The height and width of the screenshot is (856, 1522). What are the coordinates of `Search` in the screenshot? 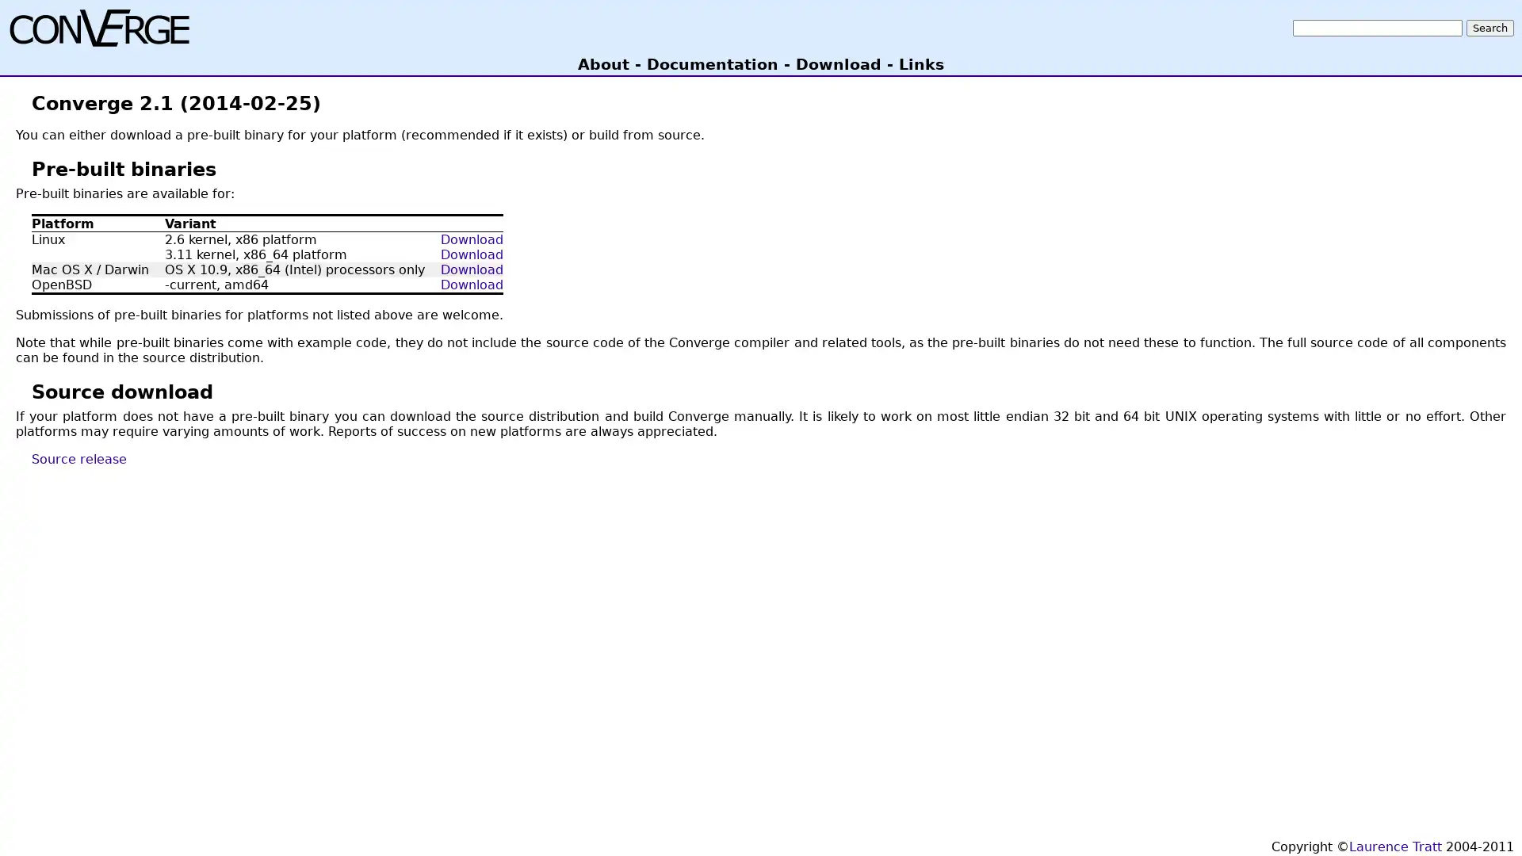 It's located at (1489, 27).